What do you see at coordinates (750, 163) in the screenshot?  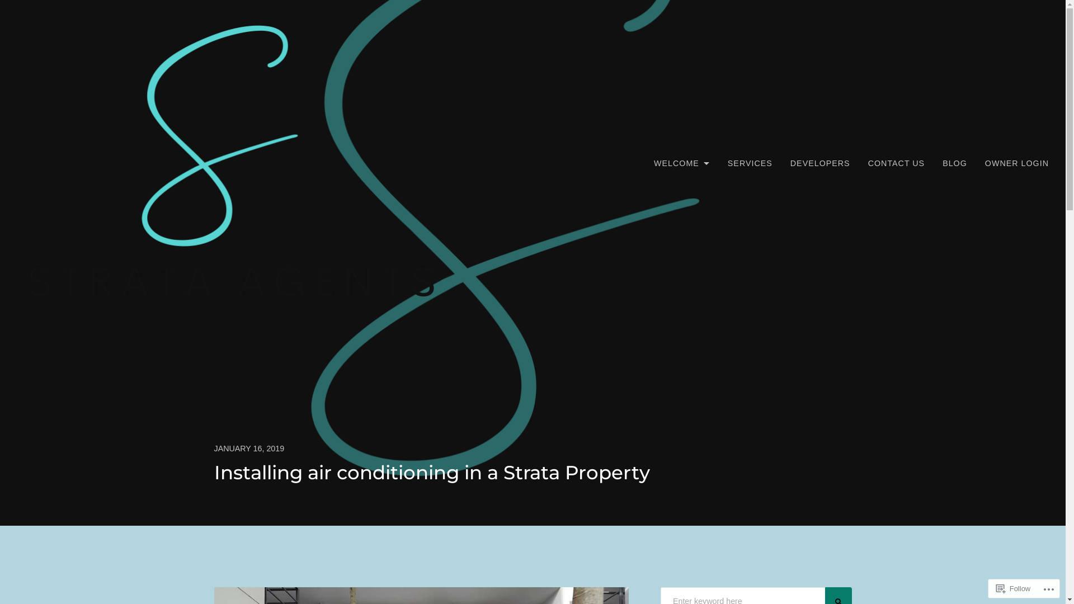 I see `'SERVICES'` at bounding box center [750, 163].